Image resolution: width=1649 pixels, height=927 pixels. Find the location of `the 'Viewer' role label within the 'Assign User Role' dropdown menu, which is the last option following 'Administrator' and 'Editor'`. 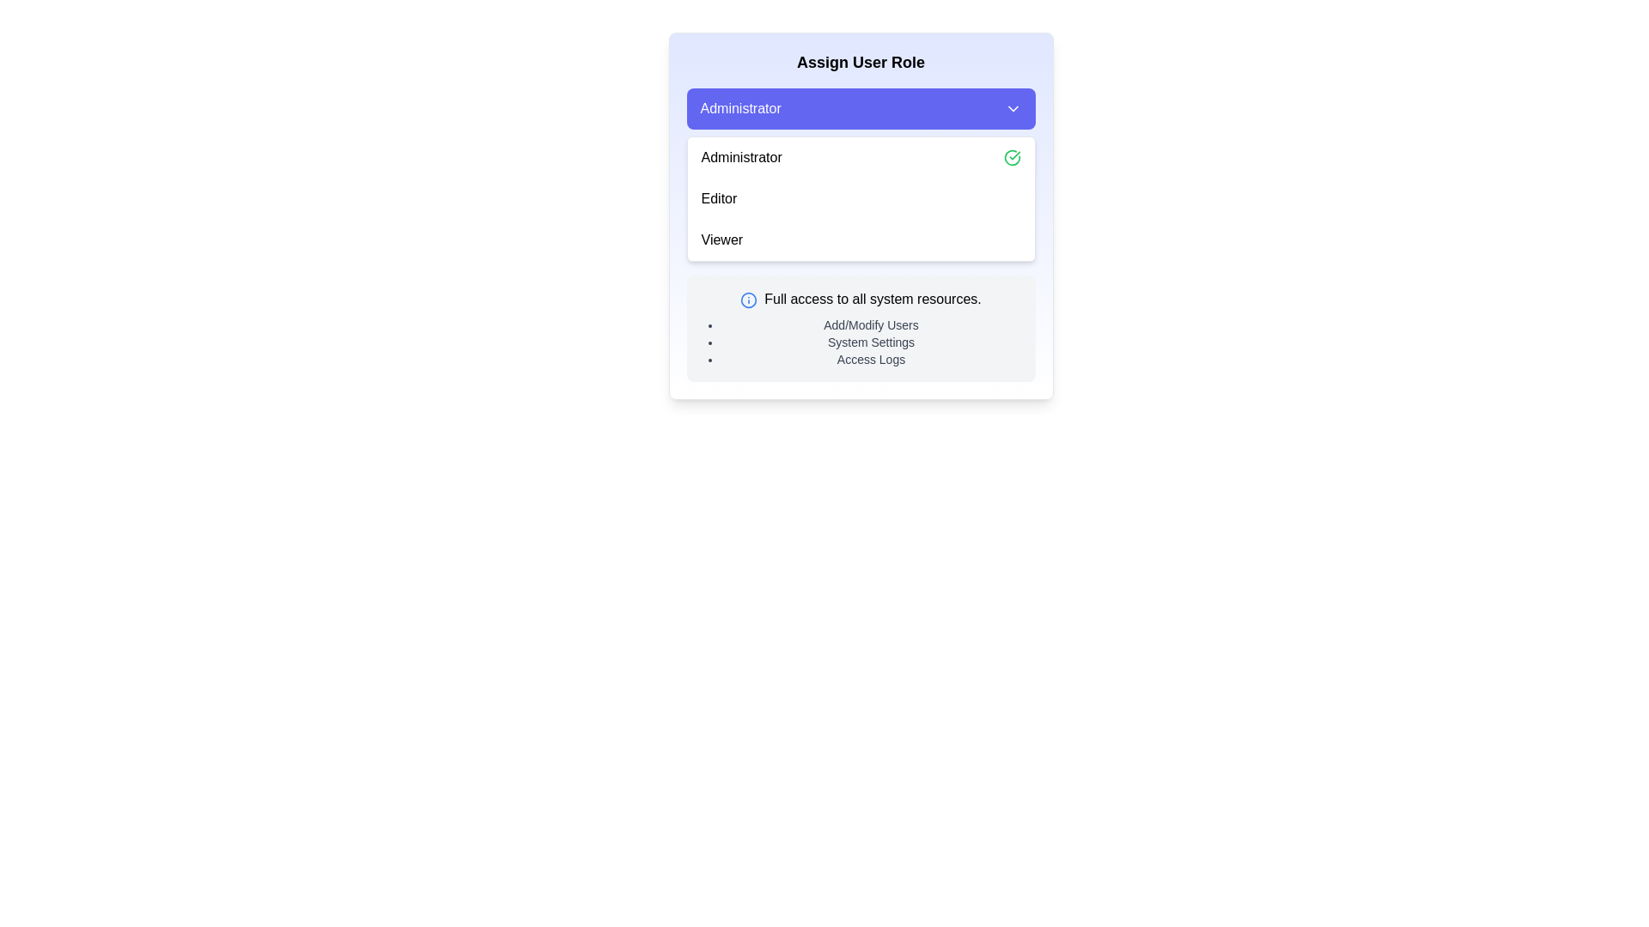

the 'Viewer' role label within the 'Assign User Role' dropdown menu, which is the last option following 'Administrator' and 'Editor' is located at coordinates (721, 240).